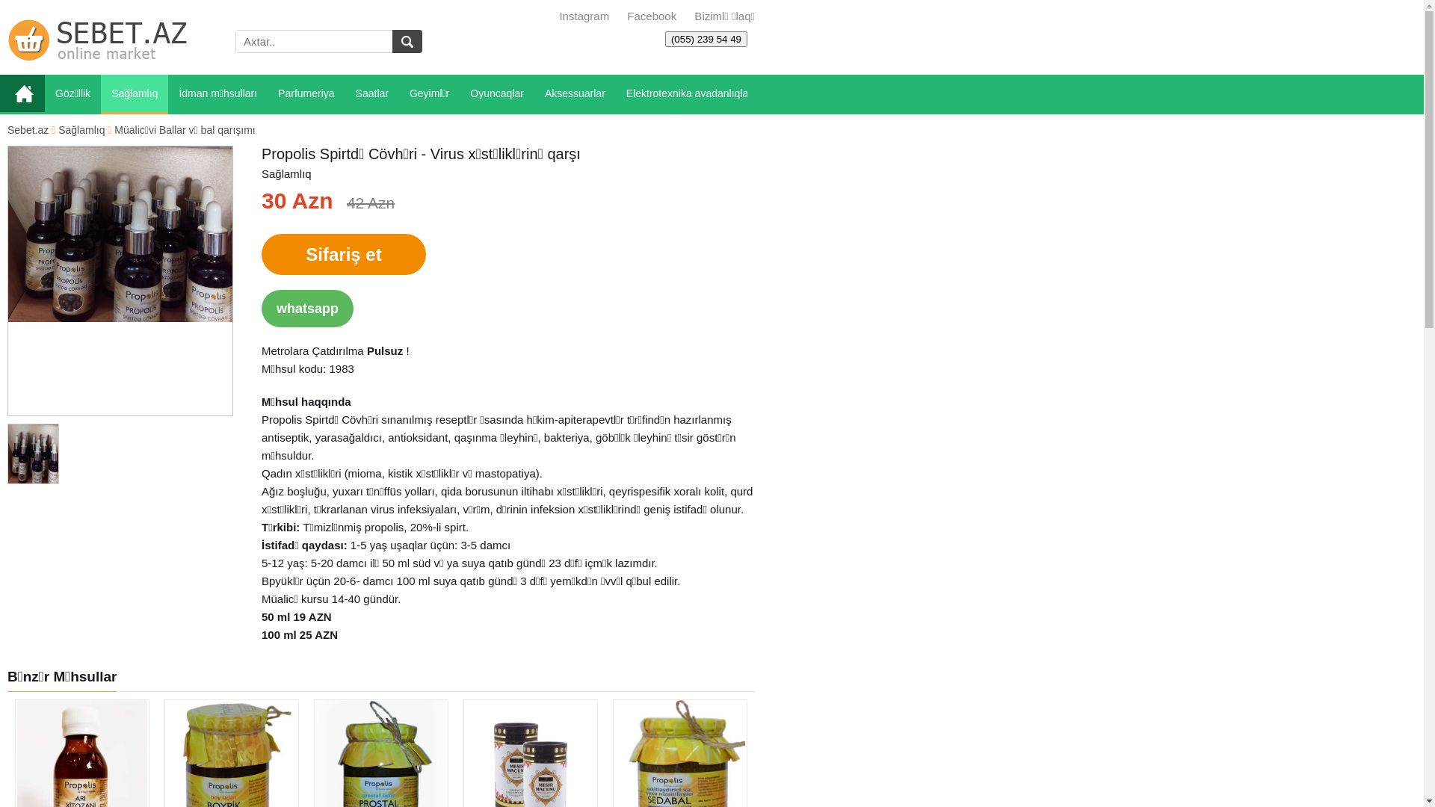  Describe the element at coordinates (28, 129) in the screenshot. I see `'Sebet.az'` at that location.